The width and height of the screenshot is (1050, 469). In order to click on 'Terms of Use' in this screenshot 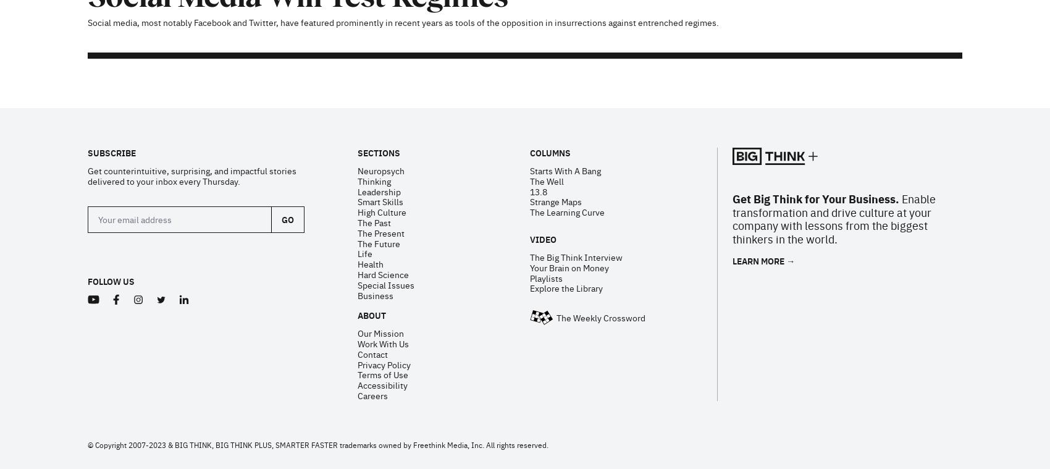, I will do `click(381, 214)`.